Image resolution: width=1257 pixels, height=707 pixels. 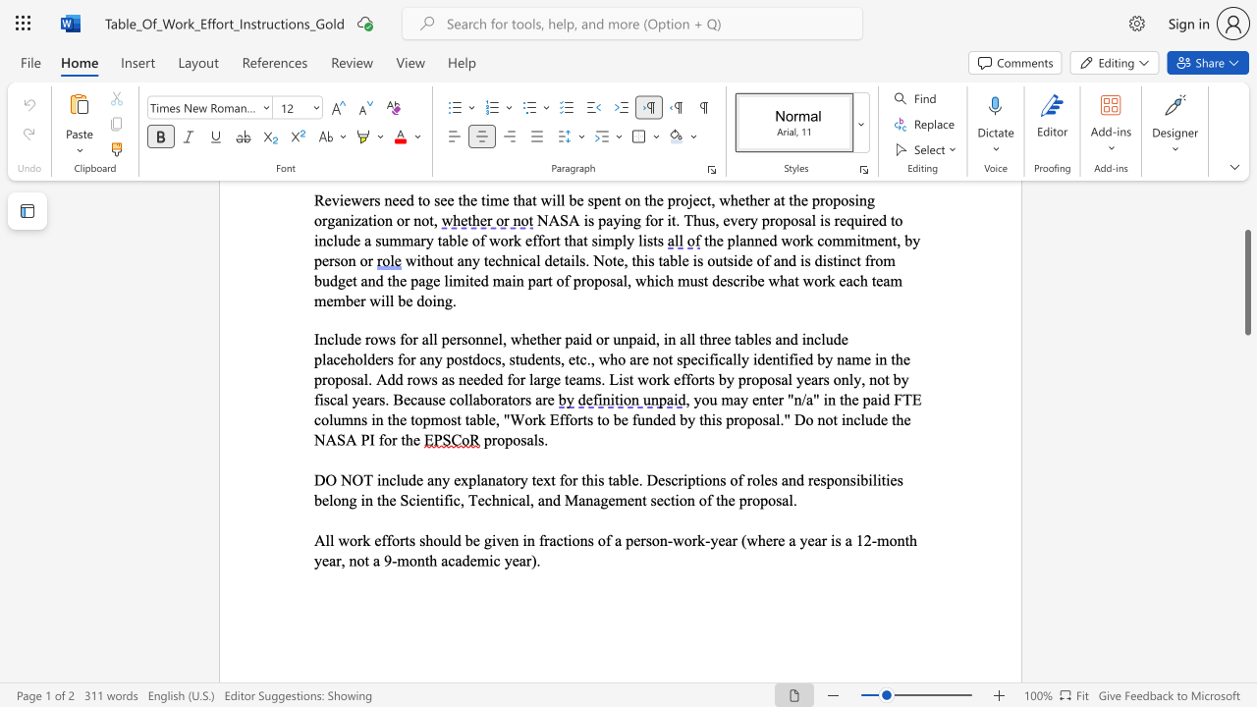 I want to click on the scrollbar and move up 130 pixels, so click(x=1246, y=282).